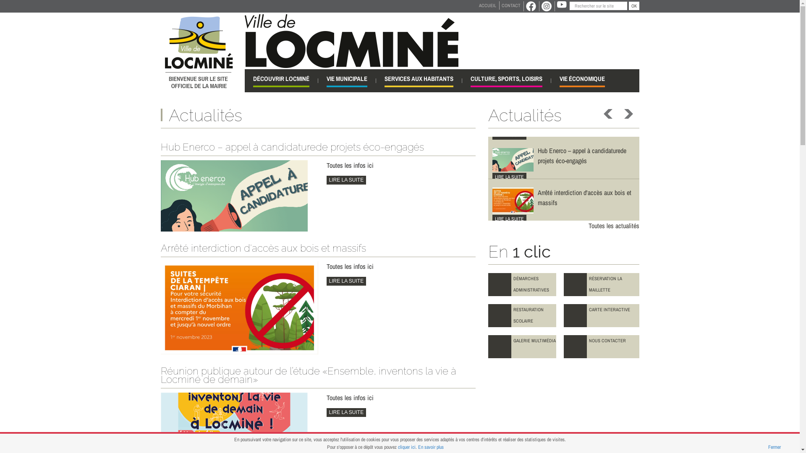 The width and height of the screenshot is (806, 453). Describe the element at coordinates (600, 315) in the screenshot. I see `'CARTE INTERACTIVE'` at that location.